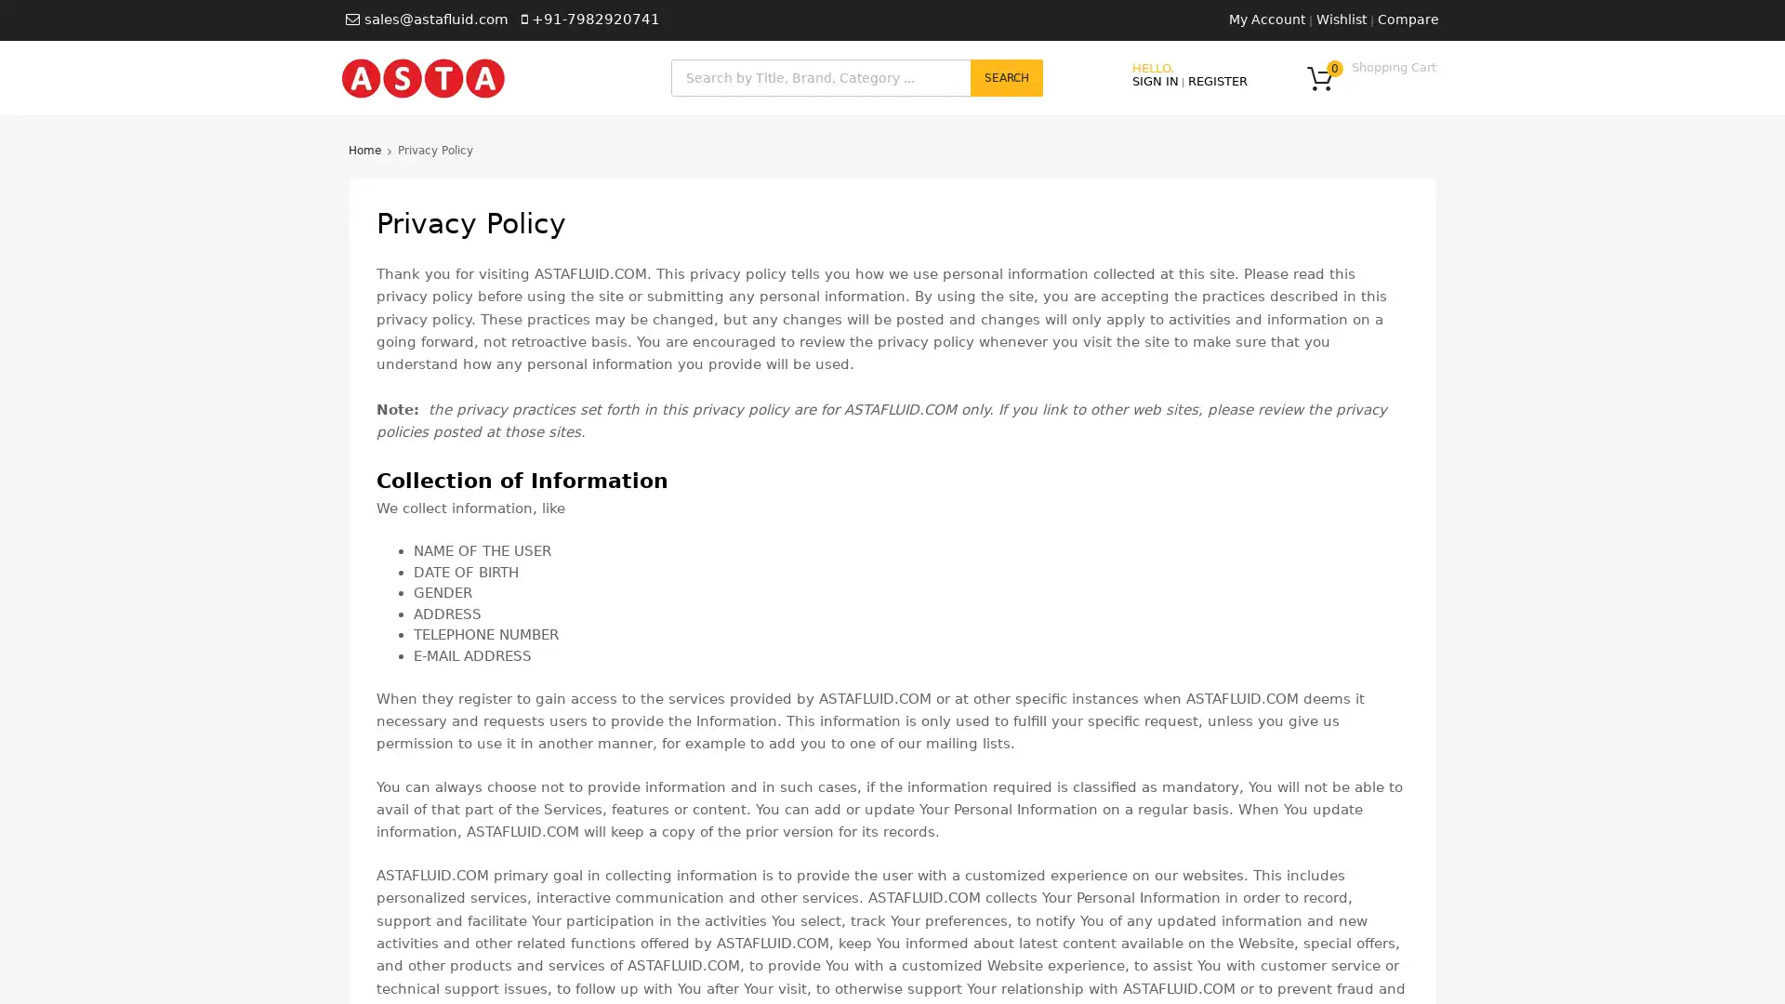  I want to click on Search, so click(1006, 77).